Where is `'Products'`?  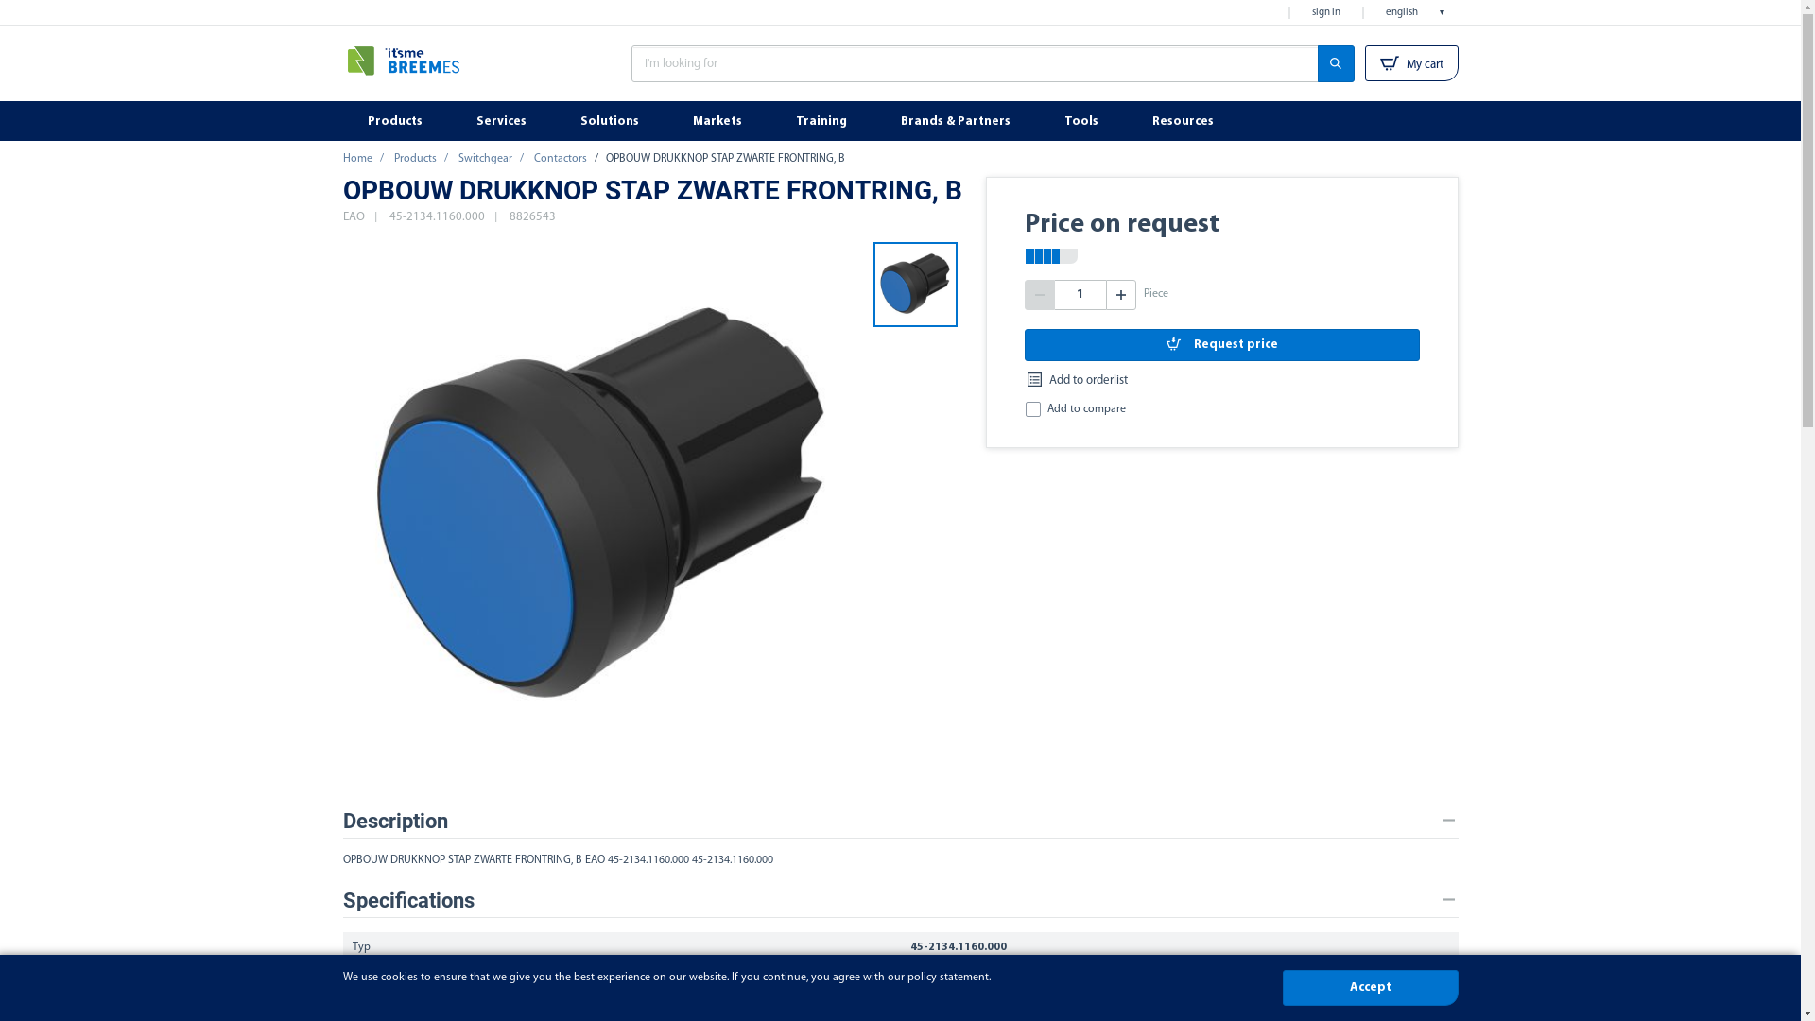
'Products' is located at coordinates (392, 158).